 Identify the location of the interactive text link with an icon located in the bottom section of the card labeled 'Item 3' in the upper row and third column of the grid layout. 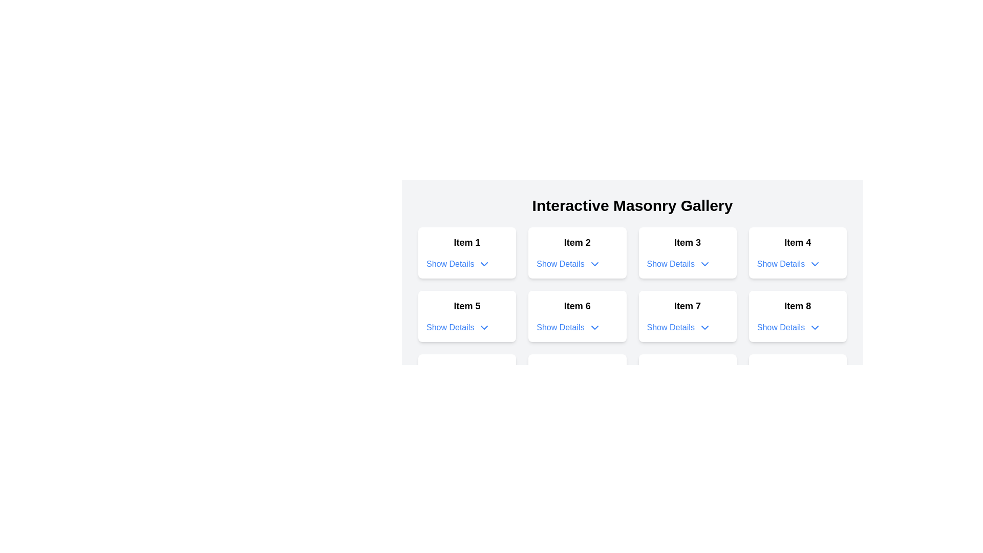
(679, 264).